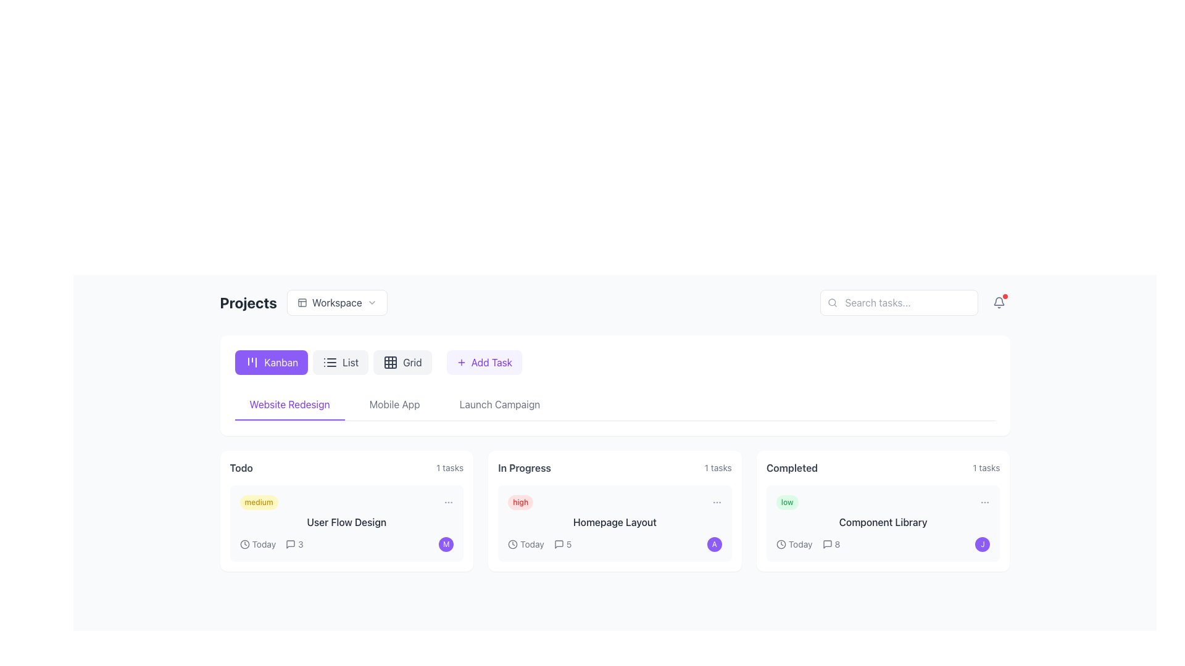  Describe the element at coordinates (460, 361) in the screenshot. I see `the 'Add Task' icon, which visually represents the action of adding a new task, located to the left of the text label within the button` at that location.